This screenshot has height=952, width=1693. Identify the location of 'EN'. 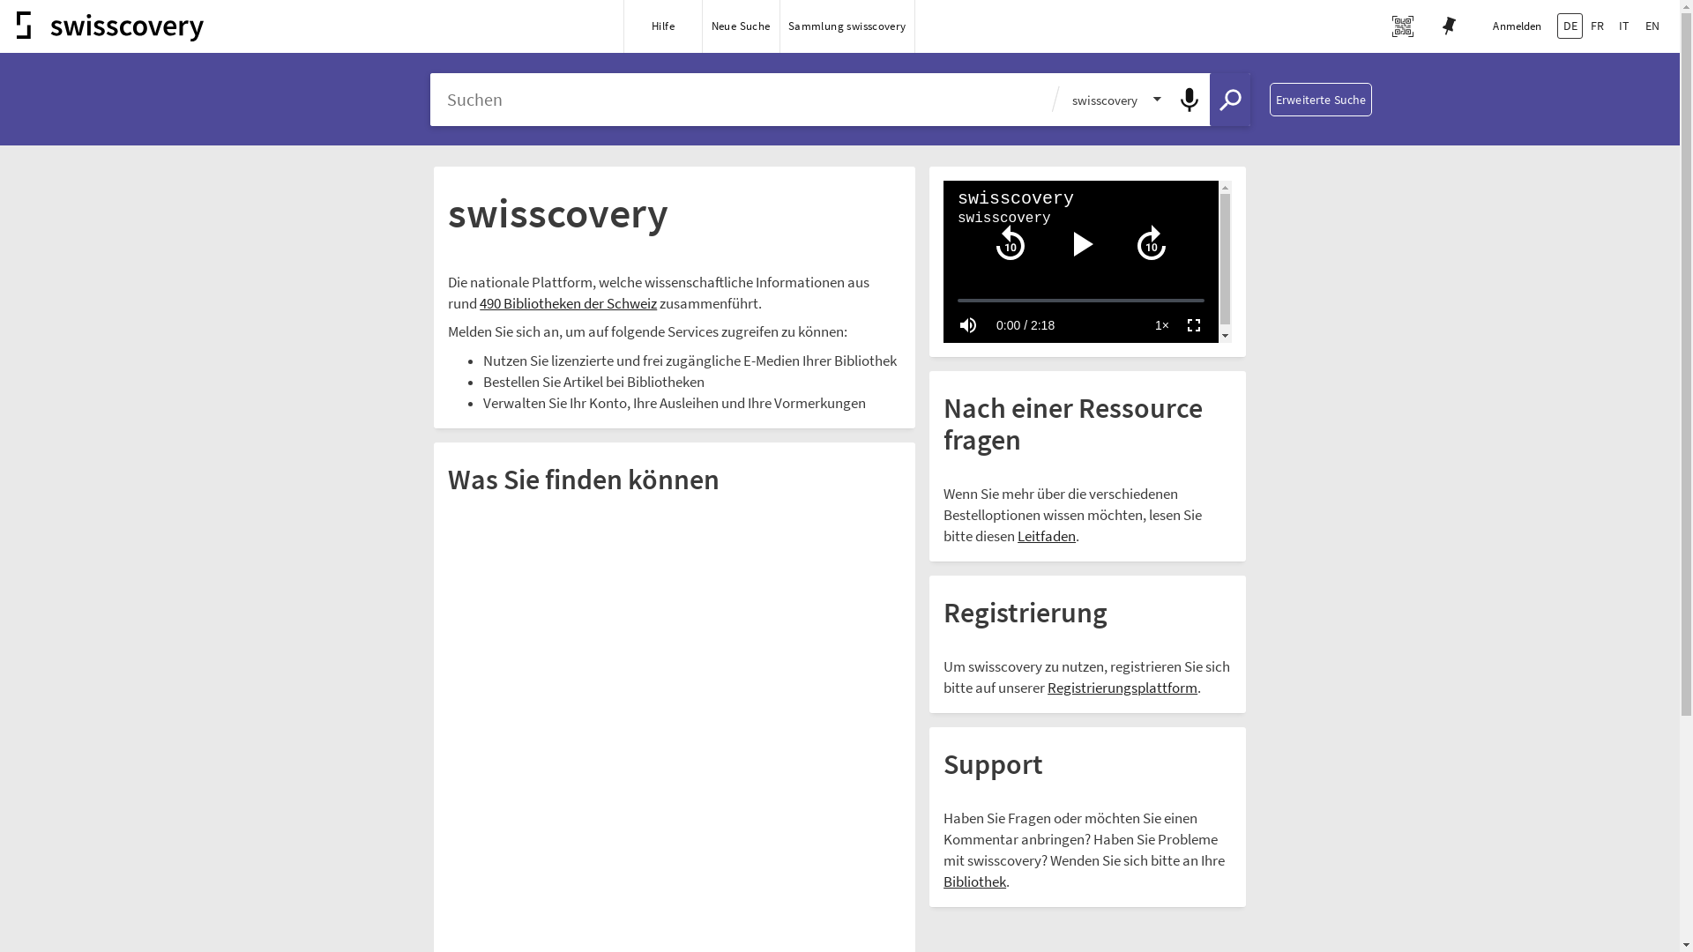
(1651, 26).